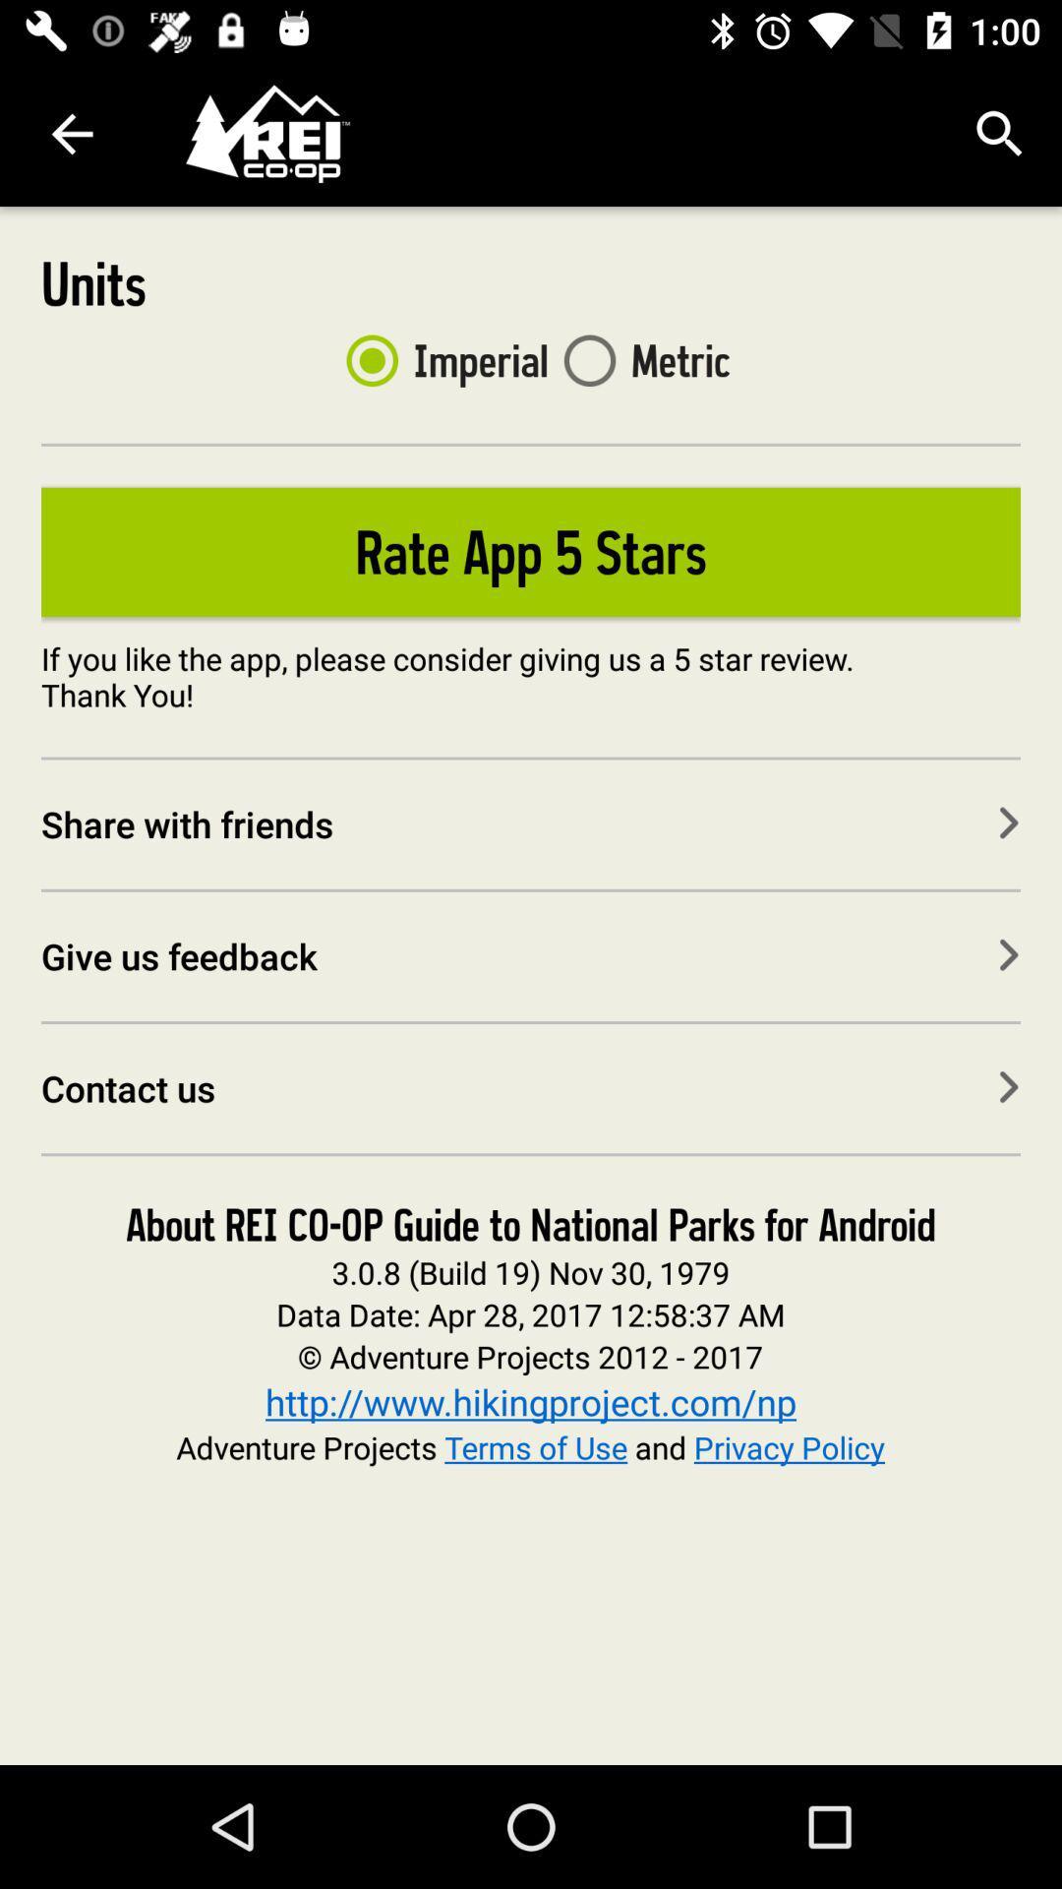 The width and height of the screenshot is (1062, 1889). I want to click on icon to the right of the units item, so click(439, 360).